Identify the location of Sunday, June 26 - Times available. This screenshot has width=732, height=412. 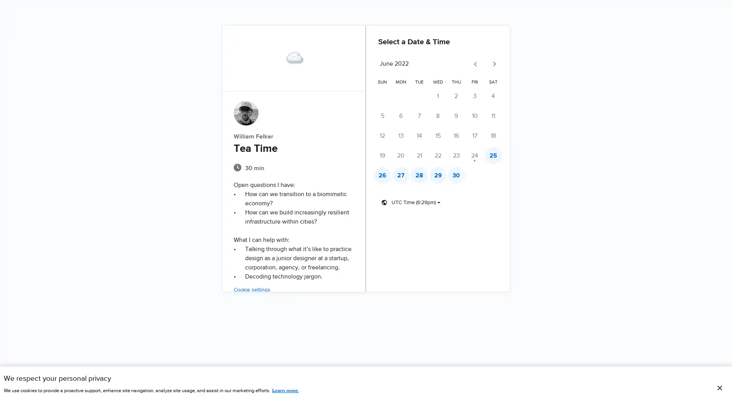
(382, 175).